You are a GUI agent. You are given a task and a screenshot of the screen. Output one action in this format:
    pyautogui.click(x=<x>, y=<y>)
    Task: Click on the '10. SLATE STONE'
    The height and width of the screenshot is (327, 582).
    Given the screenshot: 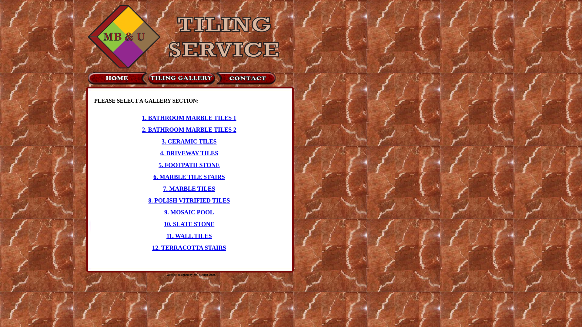 What is the action you would take?
    pyautogui.click(x=189, y=224)
    